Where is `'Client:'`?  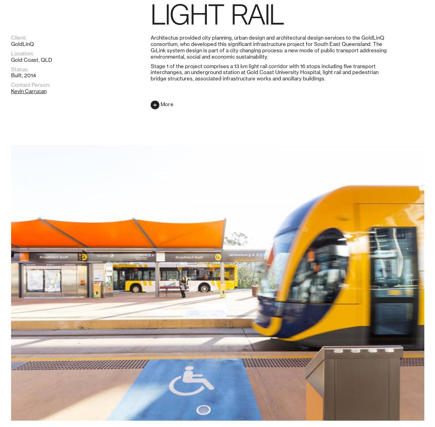
'Client:' is located at coordinates (18, 352).